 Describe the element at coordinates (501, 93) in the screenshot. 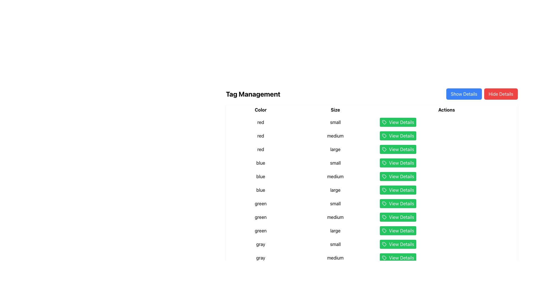

I see `the button located in the top-right section of the page that toggles the visibility of additional details when clicked, to hide the details` at that location.